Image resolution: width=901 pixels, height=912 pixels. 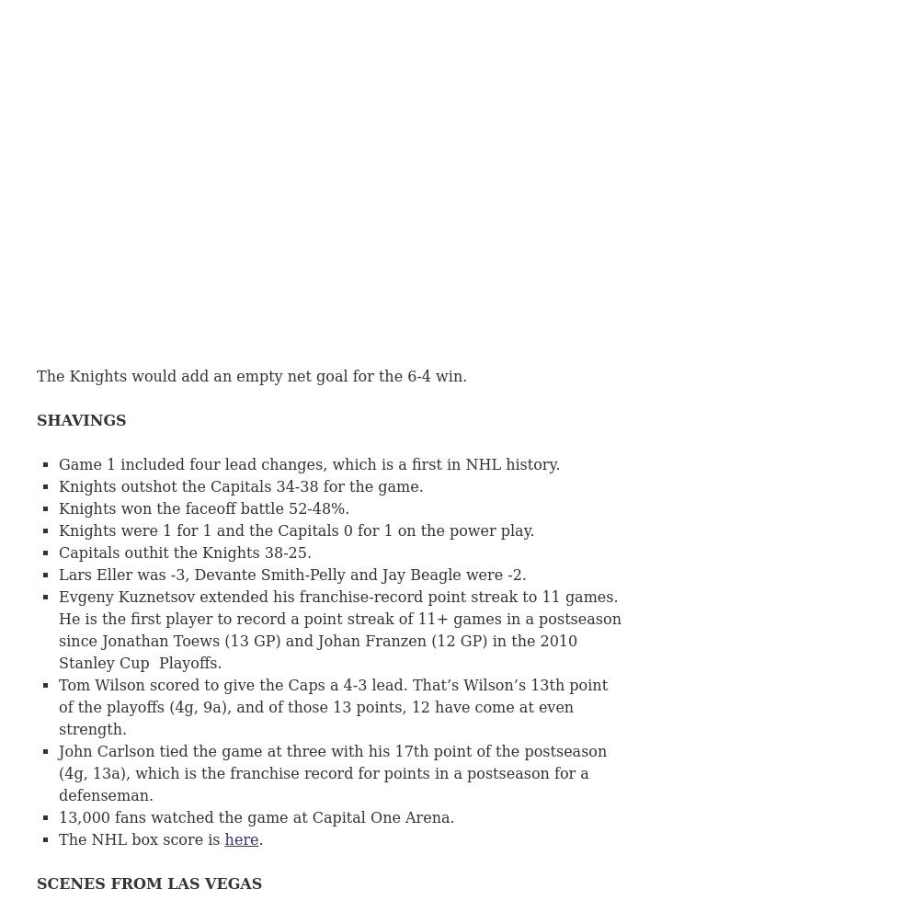 I want to click on '.', so click(x=260, y=838).